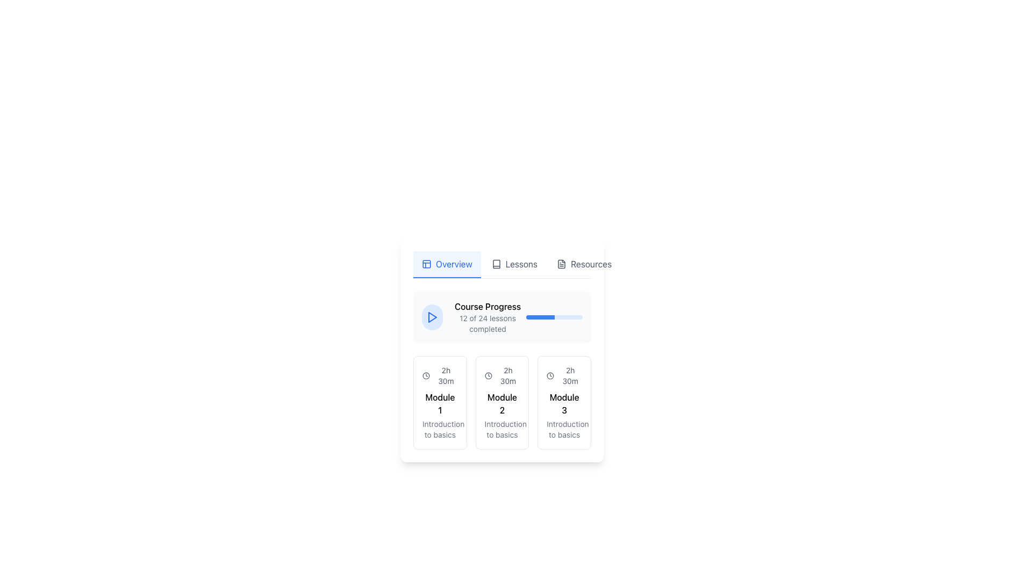  I want to click on the circular outline within the clock icon located in the upper segment of the card, which indicates '2h 30m', so click(550, 375).